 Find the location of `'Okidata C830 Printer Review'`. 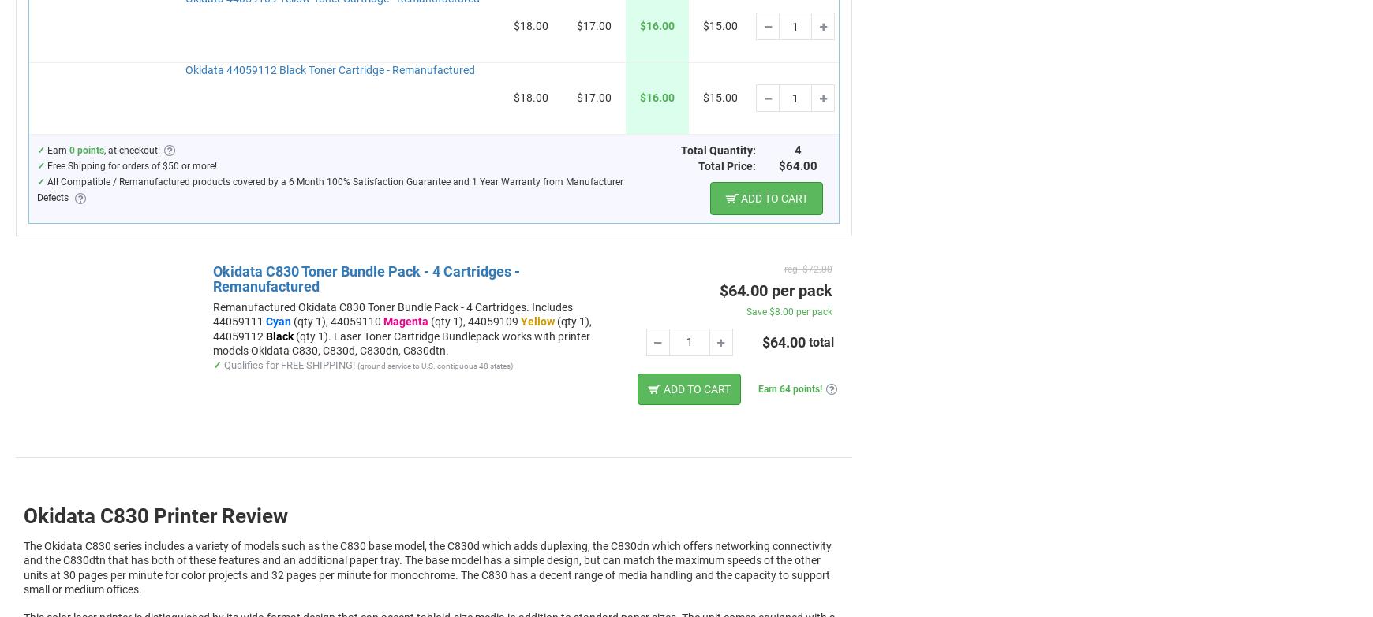

'Okidata C830 Printer Review' is located at coordinates (155, 514).